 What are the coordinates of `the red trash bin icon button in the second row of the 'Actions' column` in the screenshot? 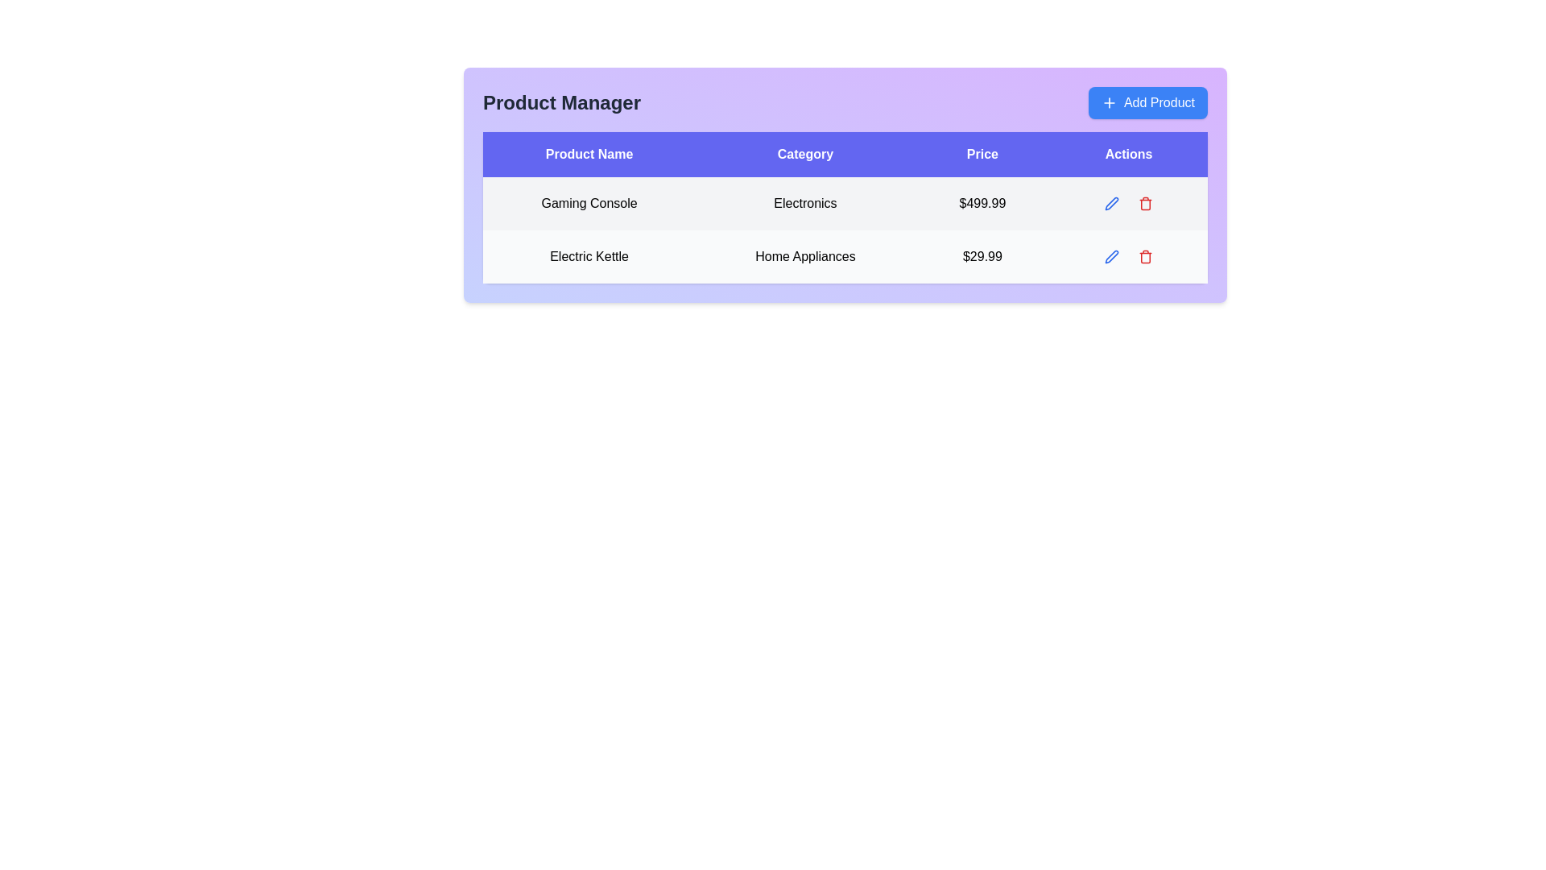 It's located at (1145, 256).